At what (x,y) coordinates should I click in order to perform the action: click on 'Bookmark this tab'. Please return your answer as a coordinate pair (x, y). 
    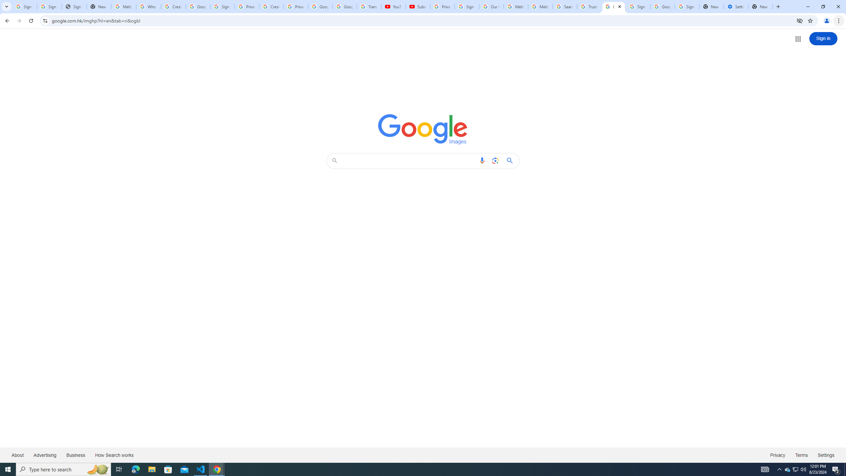
    Looking at the image, I should click on (810, 20).